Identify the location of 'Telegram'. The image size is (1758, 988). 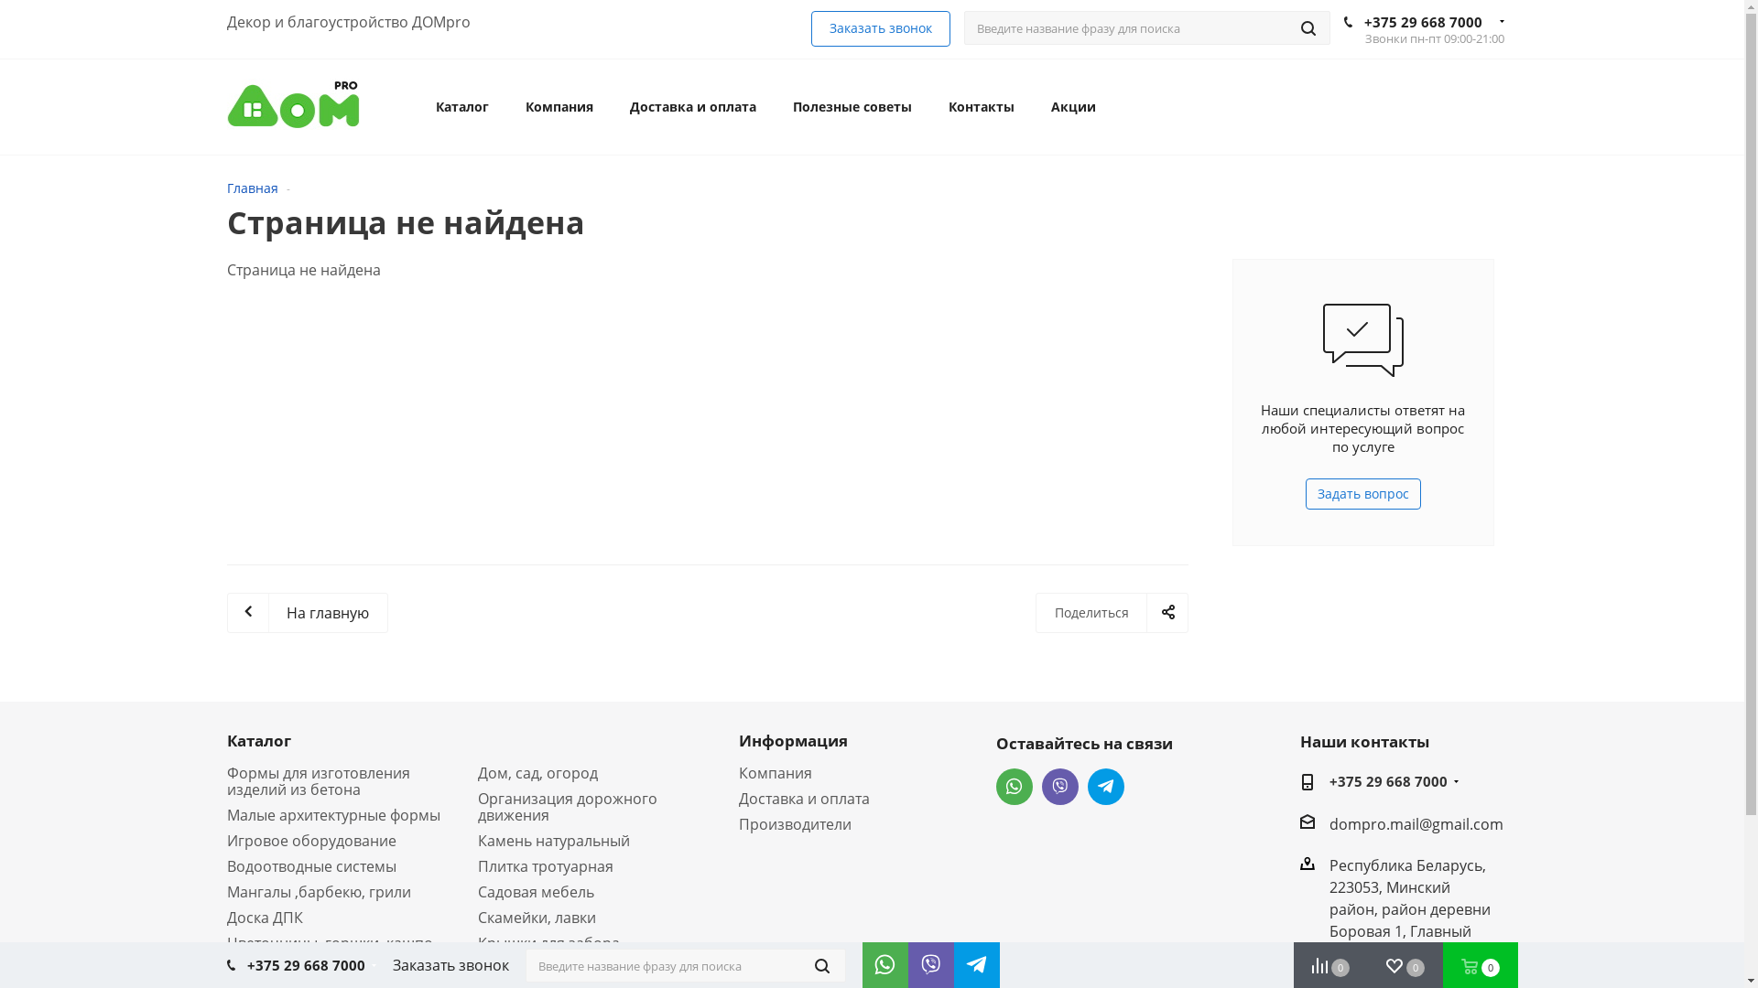
(971, 959).